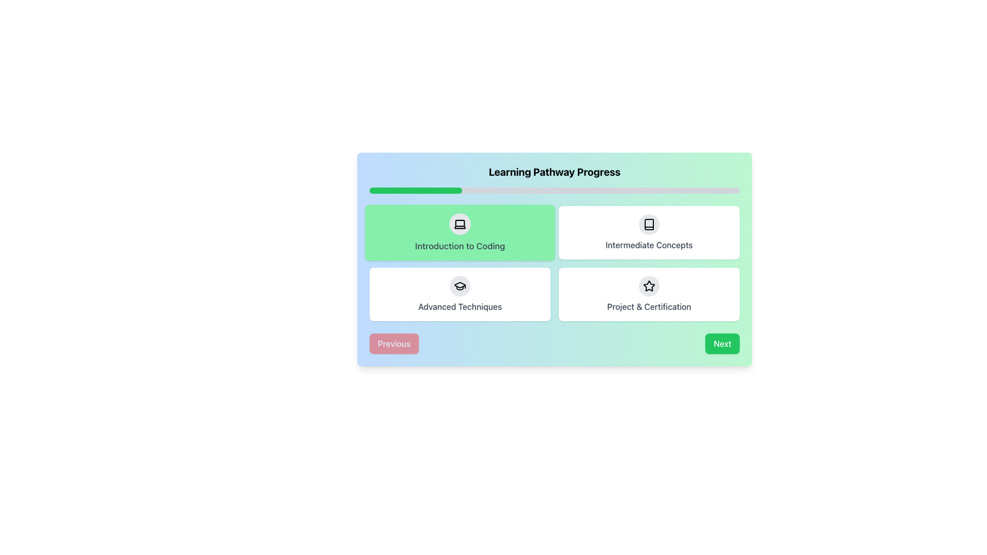 The height and width of the screenshot is (555, 987). I want to click on the 'Intermediate Concepts' icon located in the second box of the top row of card-like sections in the learning pathway interface, so click(648, 224).